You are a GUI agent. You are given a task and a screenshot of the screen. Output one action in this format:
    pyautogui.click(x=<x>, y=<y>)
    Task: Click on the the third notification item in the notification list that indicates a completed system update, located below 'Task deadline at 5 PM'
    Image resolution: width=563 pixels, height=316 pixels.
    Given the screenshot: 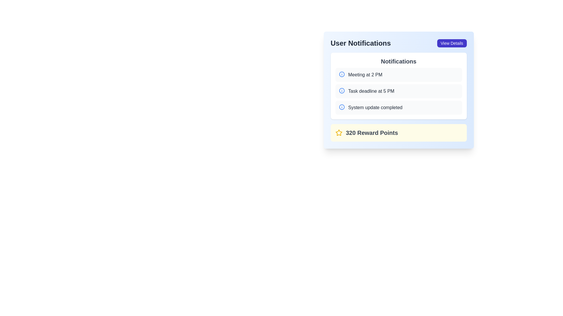 What is the action you would take?
    pyautogui.click(x=398, y=107)
    